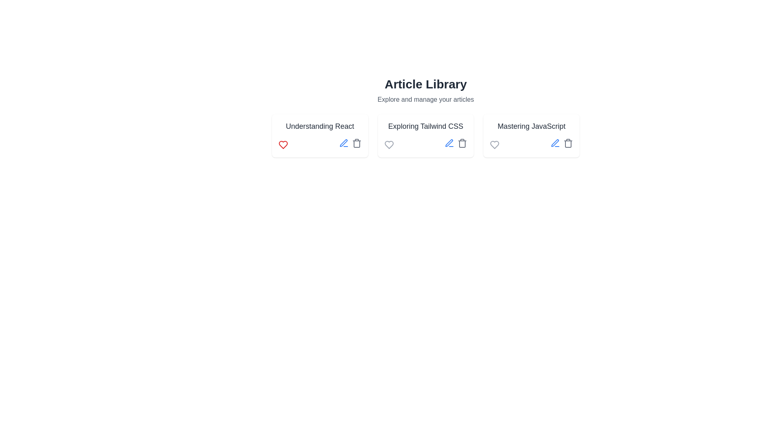 The image size is (776, 436). Describe the element at coordinates (389, 144) in the screenshot. I see `the gray heart-like icon button located in the second article card titled 'Exploring Tailwind CSS'` at that location.